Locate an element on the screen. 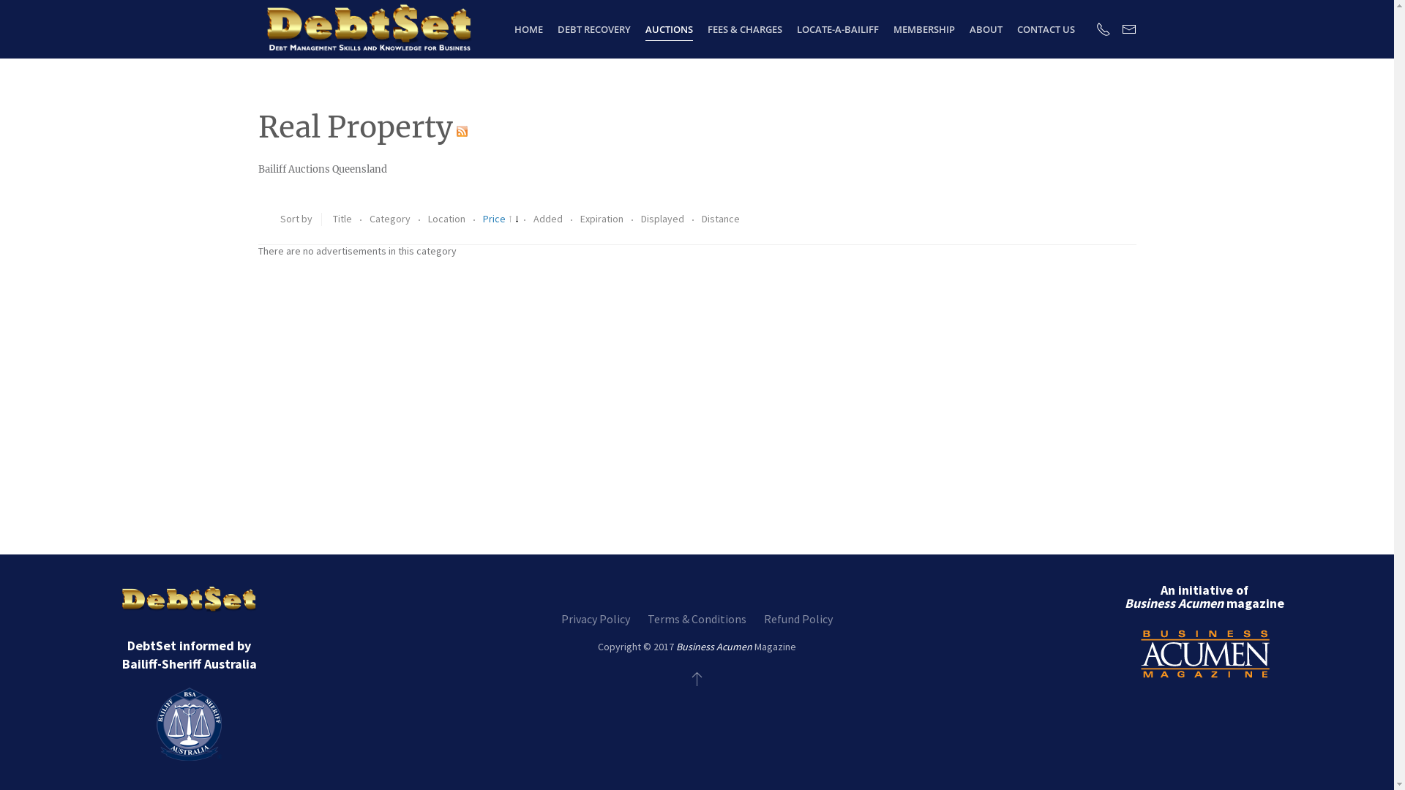 This screenshot has height=790, width=1405. 'LOCATE-A-BAILIFF' is located at coordinates (838, 29).